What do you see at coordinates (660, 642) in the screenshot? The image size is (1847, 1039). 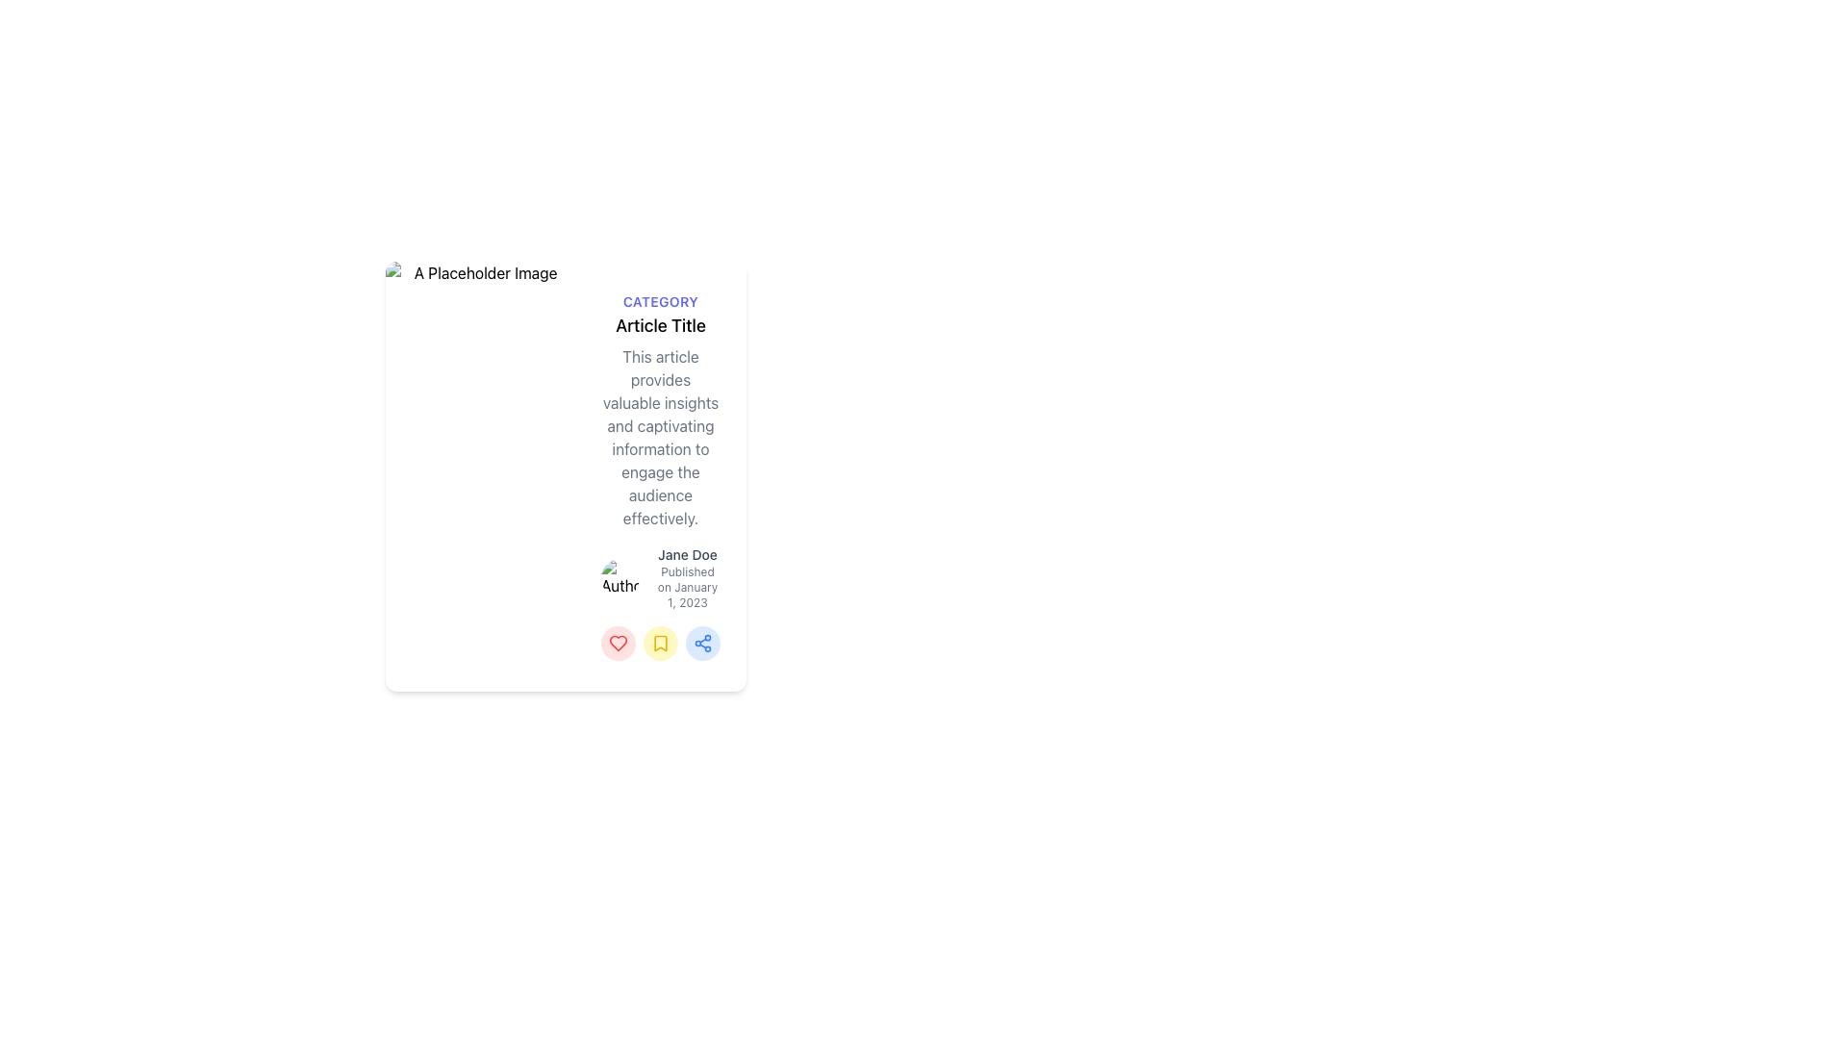 I see `the circular bookmark button with a light yellow background located beneath the article content to initiate bookmarking` at bounding box center [660, 642].